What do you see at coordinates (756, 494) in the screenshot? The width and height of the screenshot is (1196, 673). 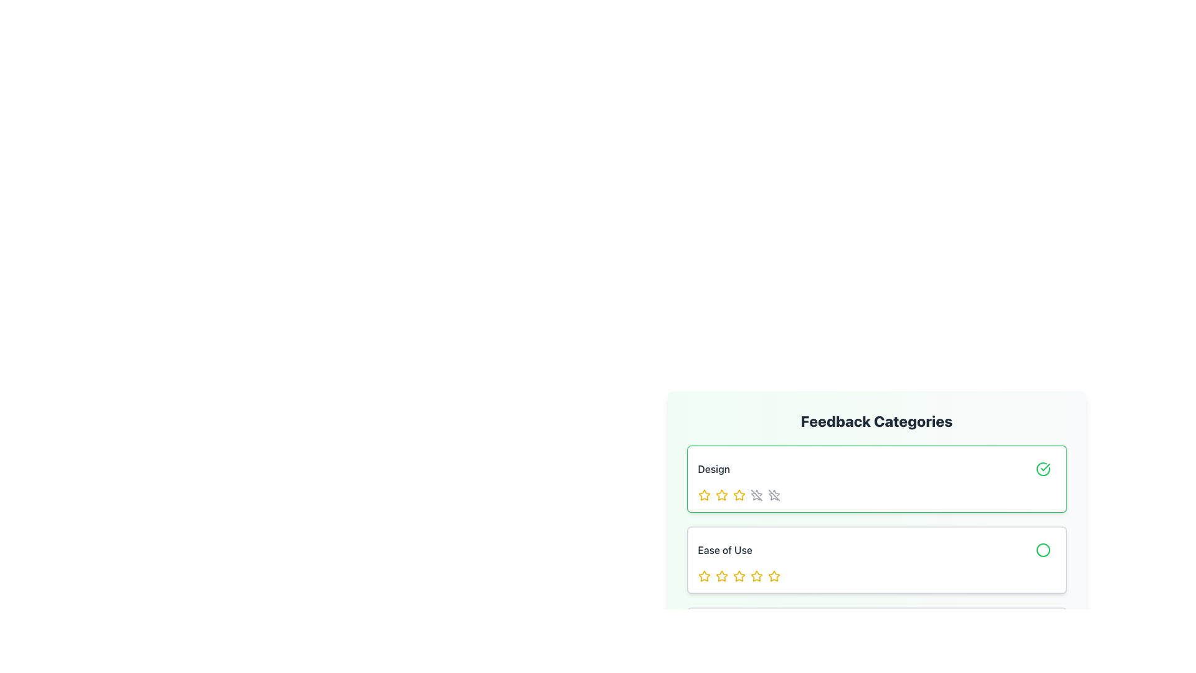 I see `the fifth star icon with a cross overlay in the 'Design' category's rating row under the 'Feedback Categories' section to attempt` at bounding box center [756, 494].